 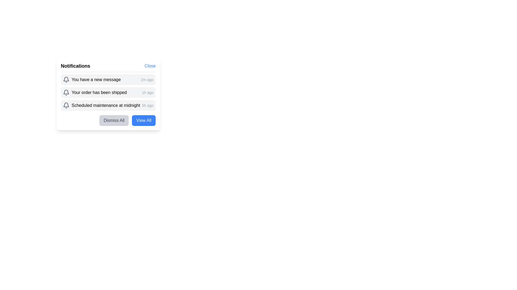 I want to click on the text label indicating the time when the notification was received, which is part of the notification item under the notifications panel, located at the right end of the row displaying 'You have a new message', so click(x=147, y=80).